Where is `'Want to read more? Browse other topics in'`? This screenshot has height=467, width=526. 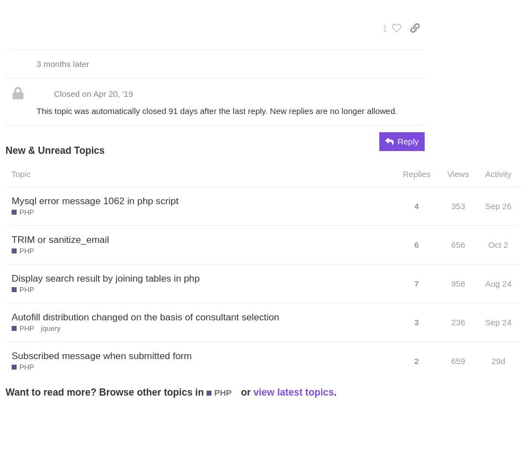 'Want to read more? Browse other topics in' is located at coordinates (106, 391).